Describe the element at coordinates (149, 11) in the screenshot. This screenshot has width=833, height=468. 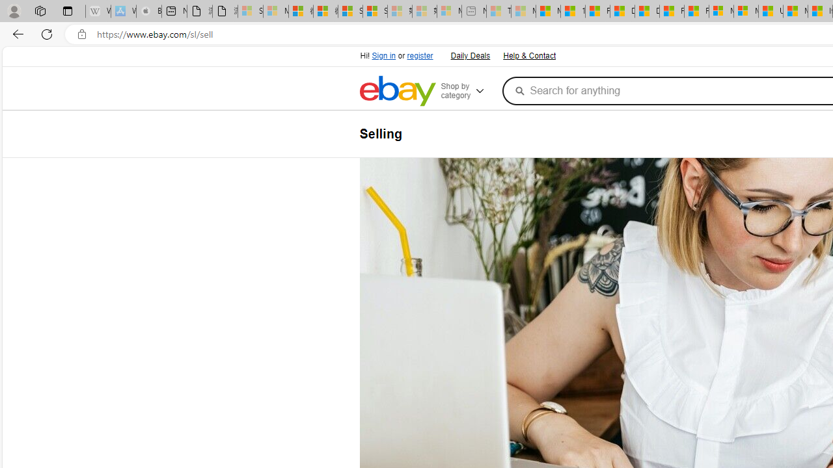
I see `'Buy iPad - Apple - Sleeping'` at that location.